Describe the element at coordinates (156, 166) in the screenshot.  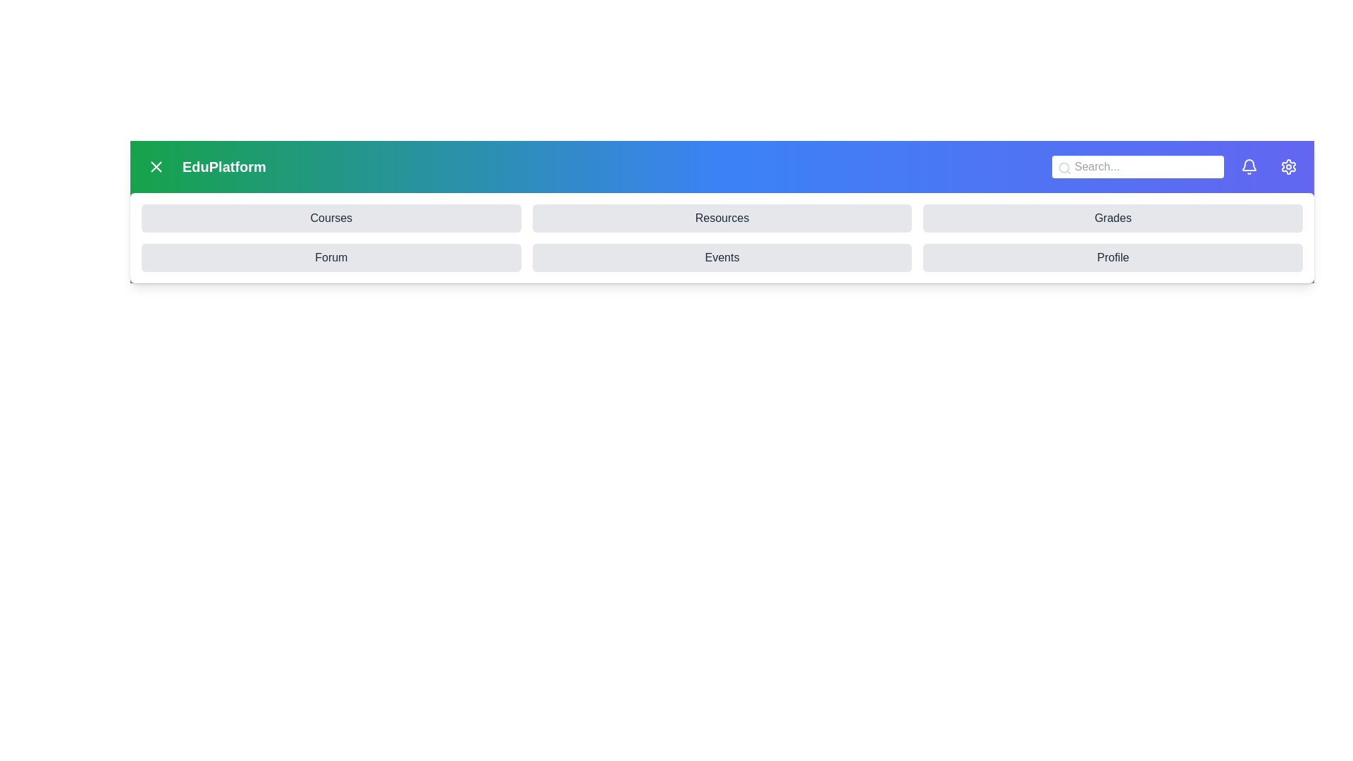
I see `the toggle button to close the menu` at that location.